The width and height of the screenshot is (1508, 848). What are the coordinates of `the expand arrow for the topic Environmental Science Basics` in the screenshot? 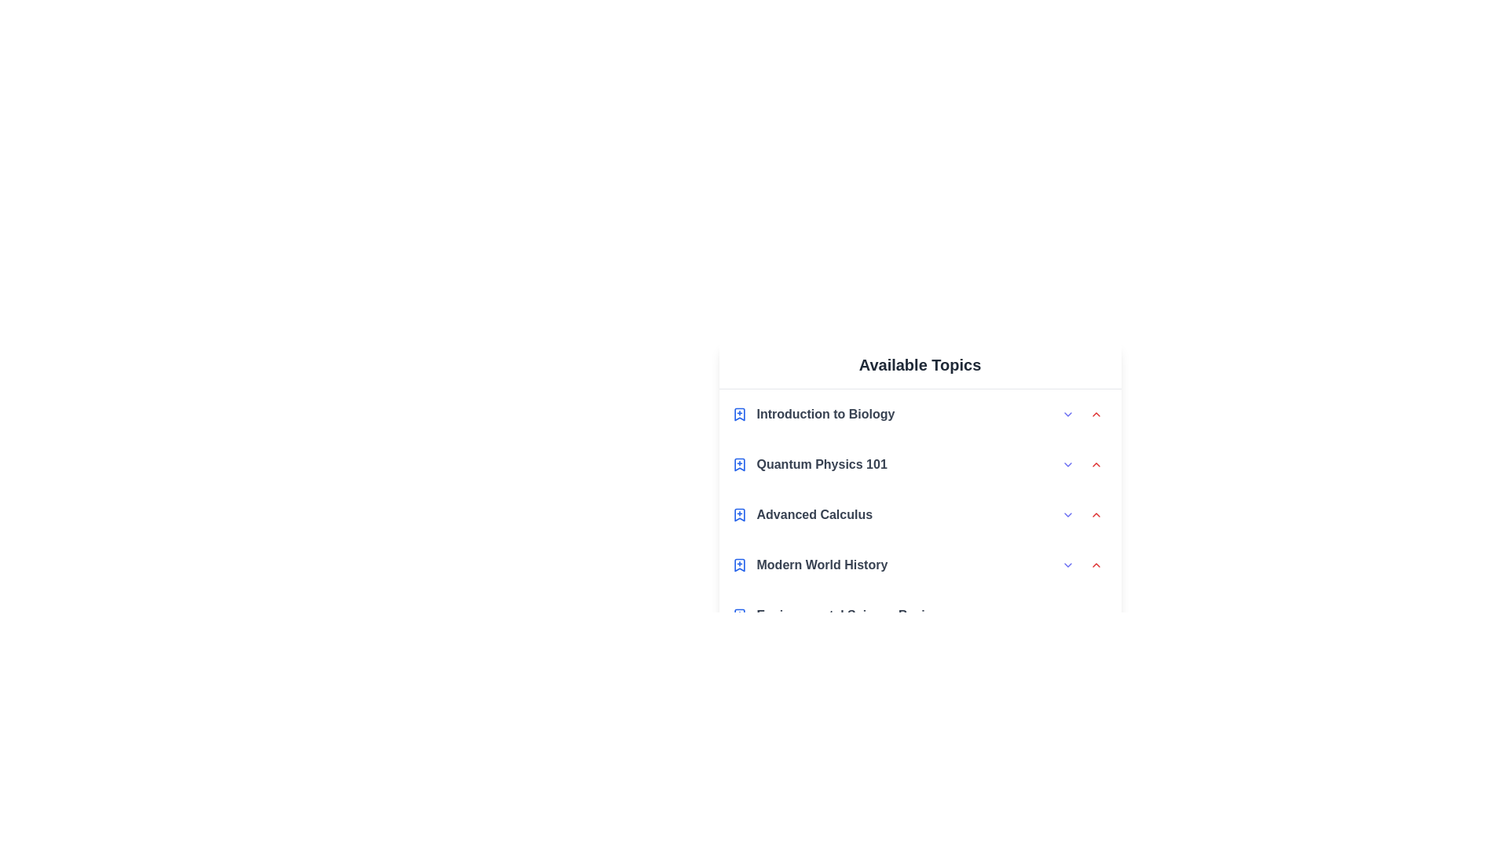 It's located at (1067, 614).